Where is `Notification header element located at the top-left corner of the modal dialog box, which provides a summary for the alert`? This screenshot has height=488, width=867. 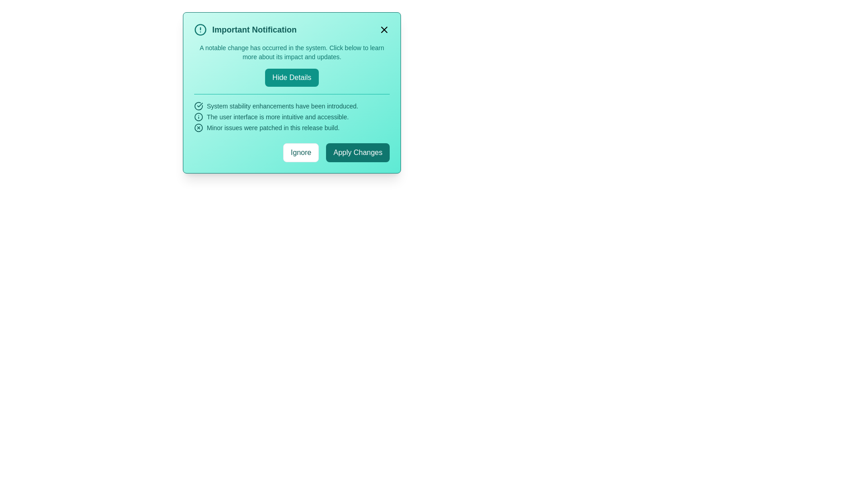 Notification header element located at the top-left corner of the modal dialog box, which provides a summary for the alert is located at coordinates (245, 29).